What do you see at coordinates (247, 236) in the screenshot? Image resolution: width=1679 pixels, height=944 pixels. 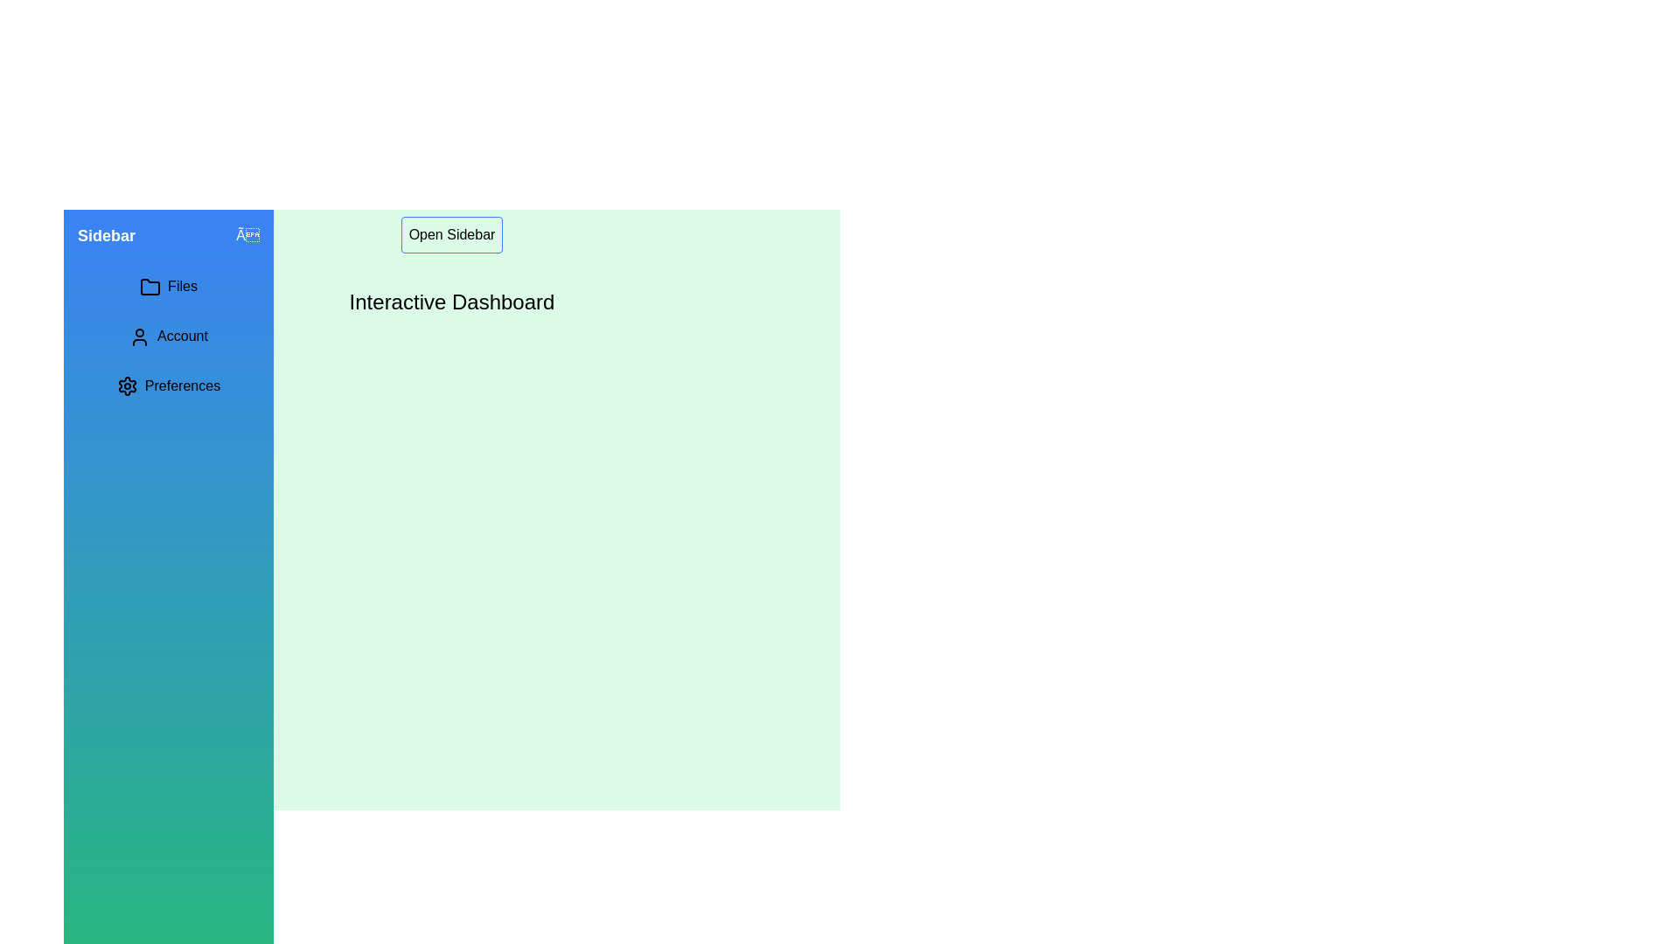 I see `the interactive element close_button in the sidebar` at bounding box center [247, 236].